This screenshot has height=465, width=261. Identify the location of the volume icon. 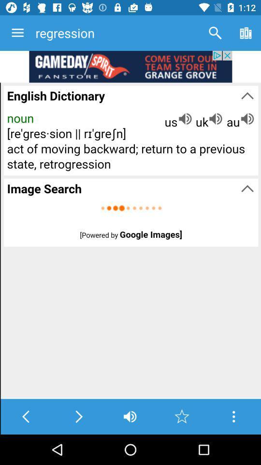
(130, 416).